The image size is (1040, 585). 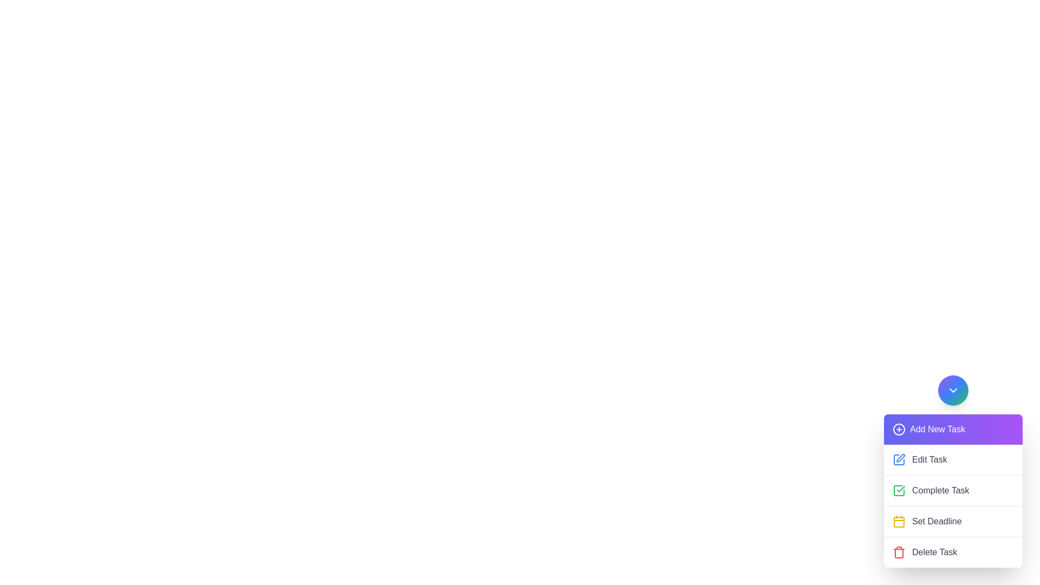 What do you see at coordinates (899, 552) in the screenshot?
I see `the red trash bin icon located at the bottom of the dropdown menu` at bounding box center [899, 552].